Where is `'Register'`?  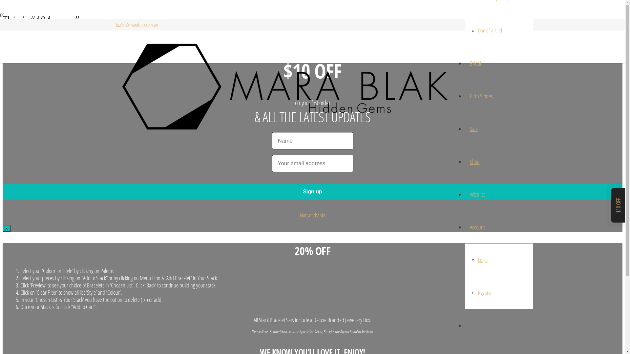
'Register' is located at coordinates (477, 292).